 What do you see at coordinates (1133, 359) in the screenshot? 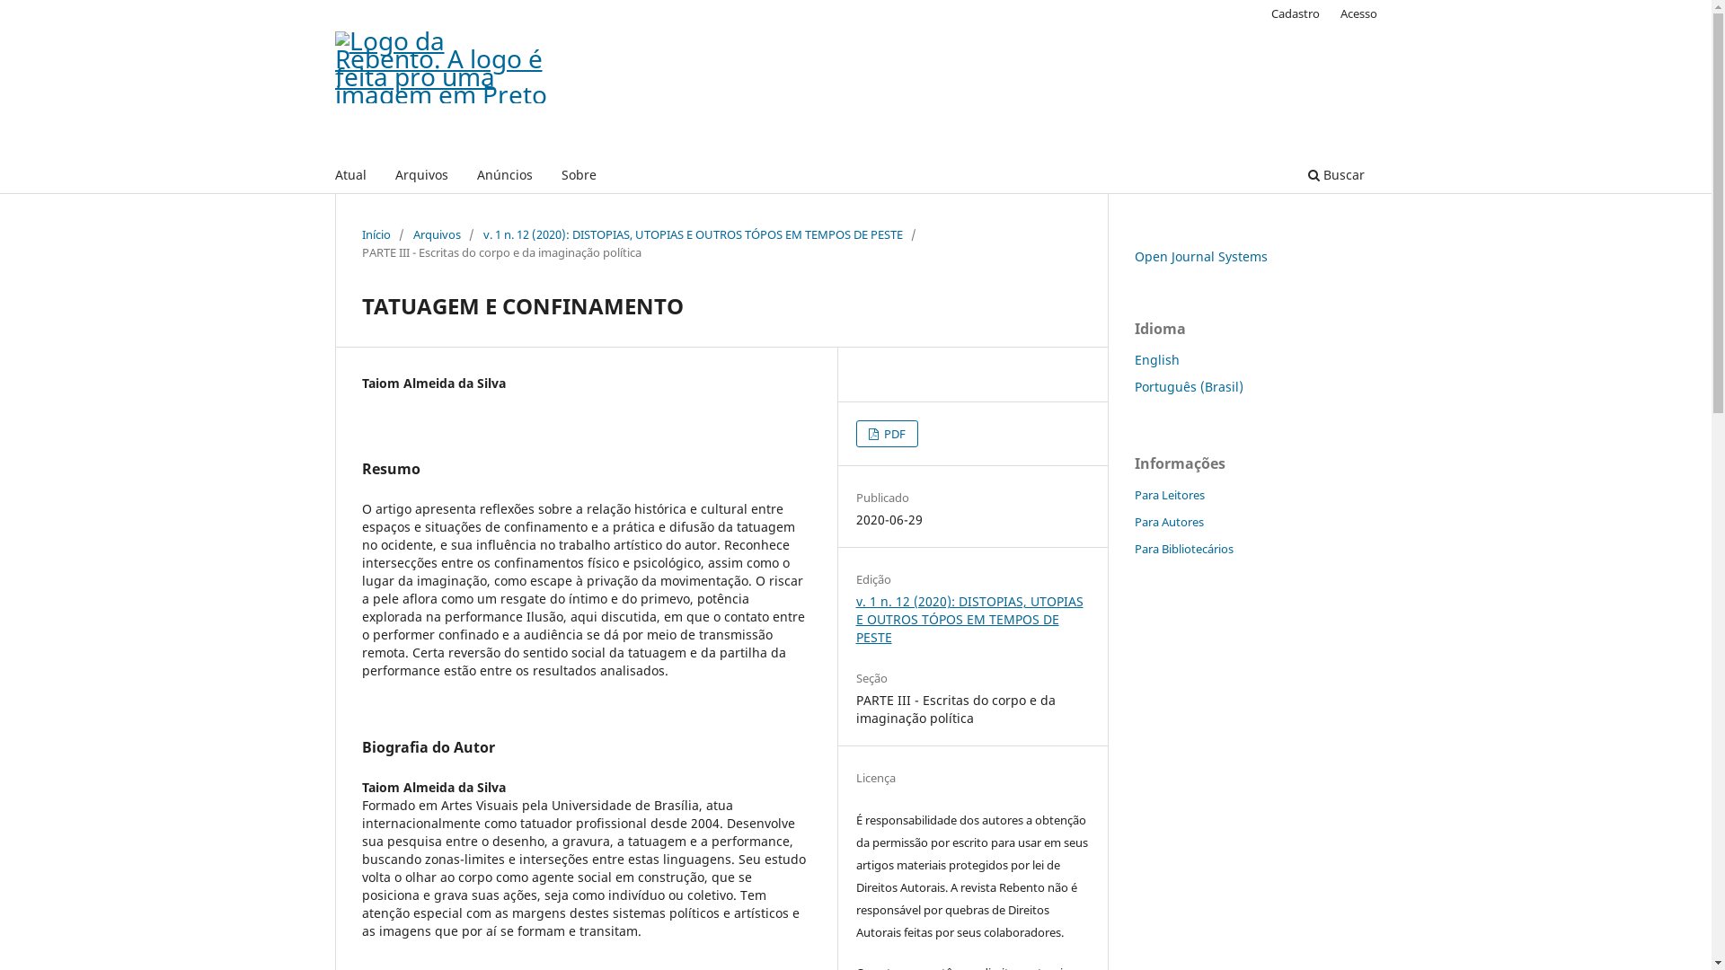
I see `'English'` at bounding box center [1133, 359].